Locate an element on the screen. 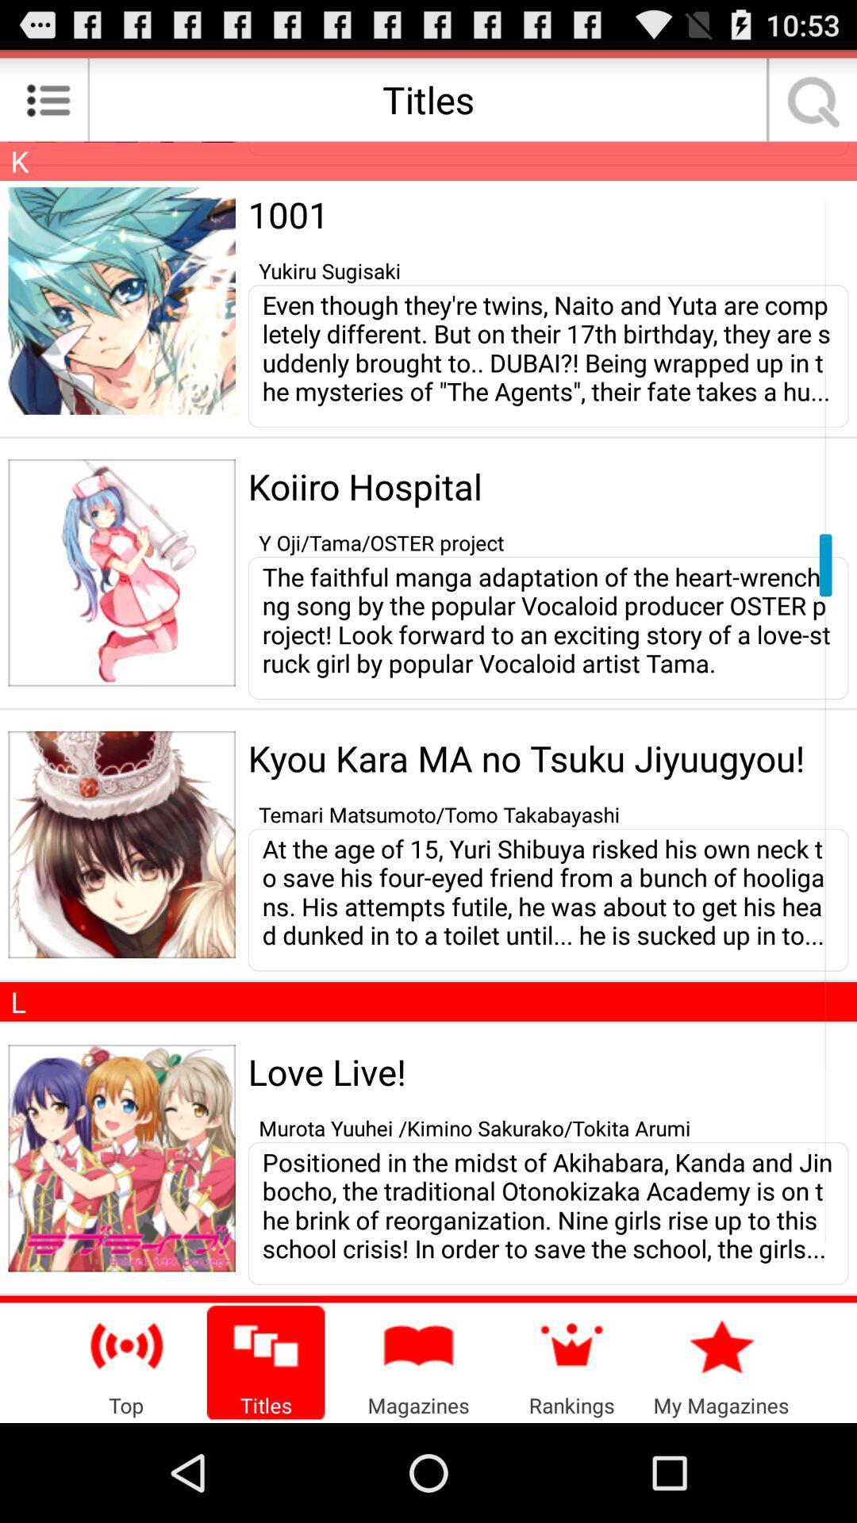 The width and height of the screenshot is (857, 1523). the list icon is located at coordinates (48, 105).